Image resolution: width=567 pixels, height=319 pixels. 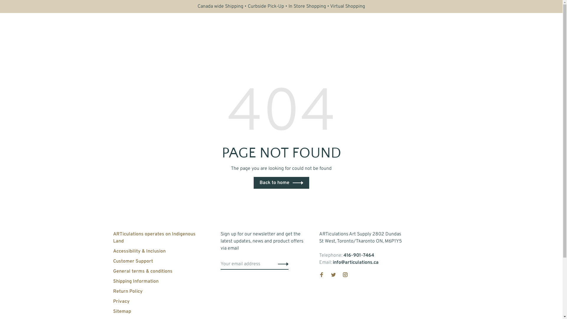 What do you see at coordinates (345, 276) in the screenshot?
I see `'Instagram ARTiculations'` at bounding box center [345, 276].